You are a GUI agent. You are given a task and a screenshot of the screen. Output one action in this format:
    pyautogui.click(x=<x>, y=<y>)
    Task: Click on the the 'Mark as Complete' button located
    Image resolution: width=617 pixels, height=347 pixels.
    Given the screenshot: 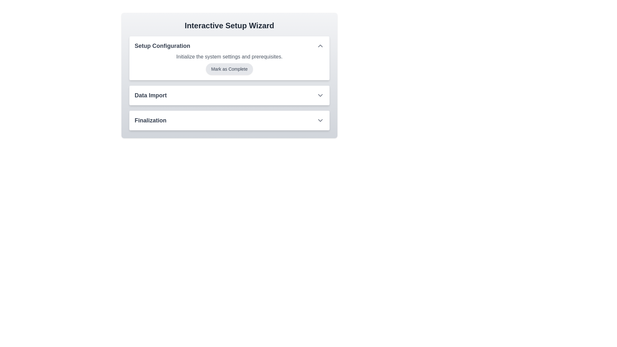 What is the action you would take?
    pyautogui.click(x=229, y=64)
    